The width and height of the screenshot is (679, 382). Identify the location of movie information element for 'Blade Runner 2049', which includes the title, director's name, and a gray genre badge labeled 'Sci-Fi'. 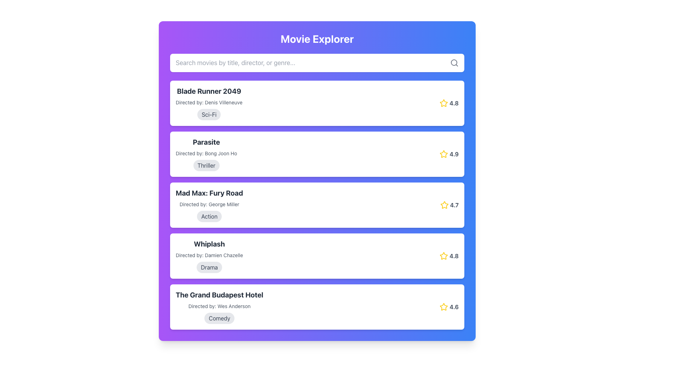
(209, 103).